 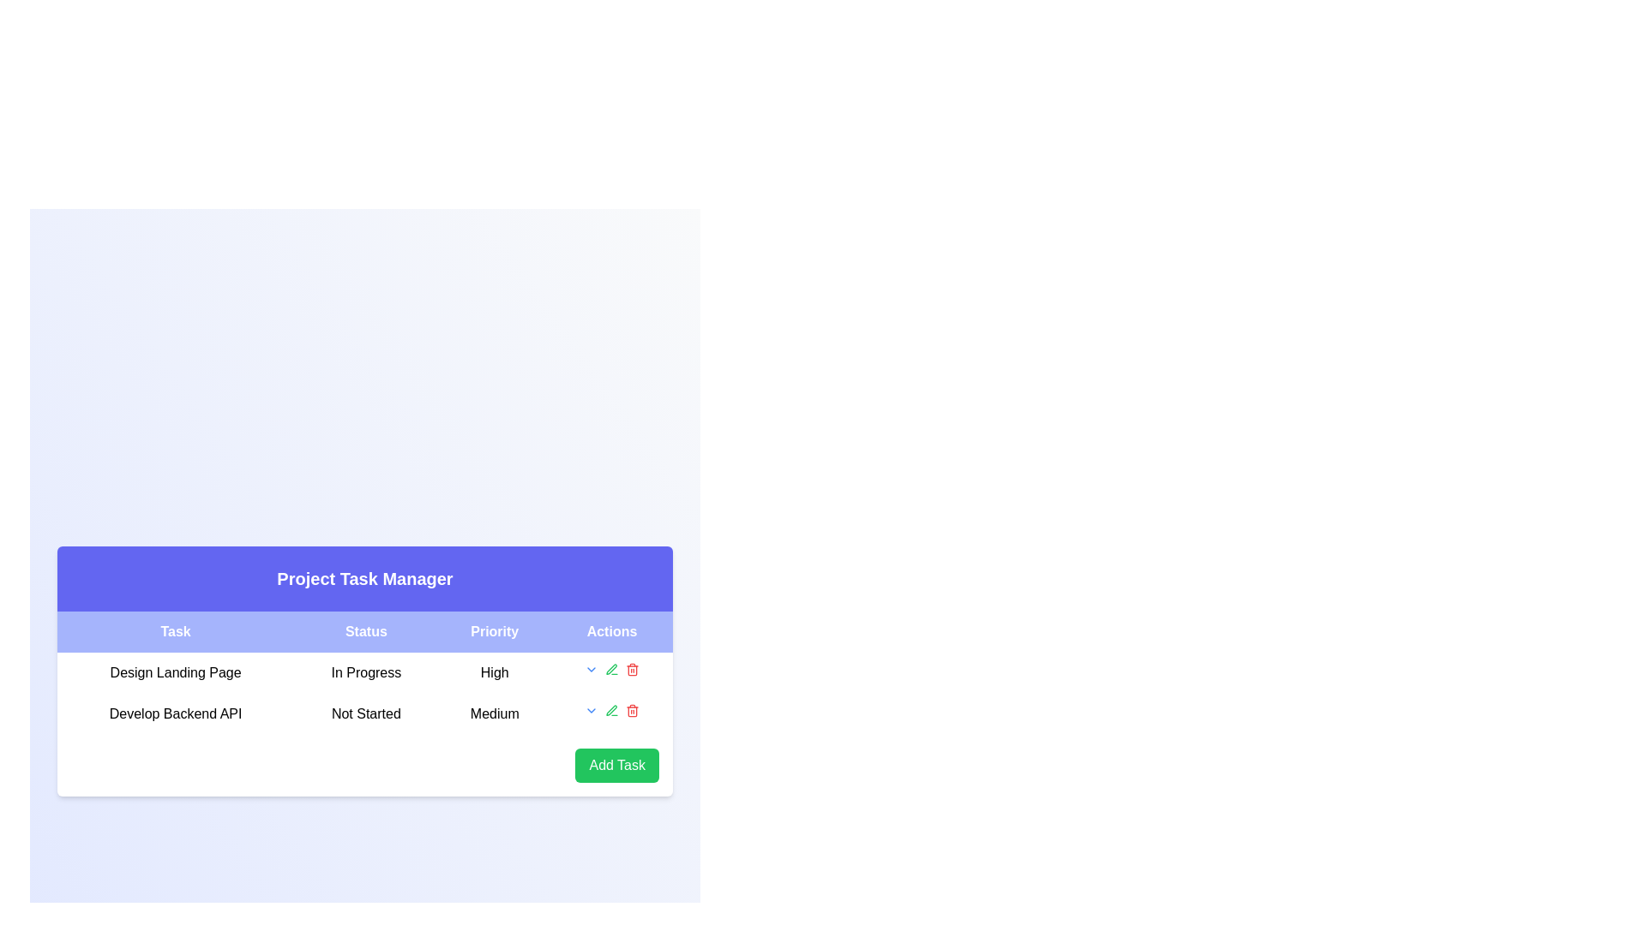 What do you see at coordinates (364, 578) in the screenshot?
I see `the title text element that indicates the 'Project Task Manager' section, which is centered at the top of its card component with an indigo background and white text` at bounding box center [364, 578].